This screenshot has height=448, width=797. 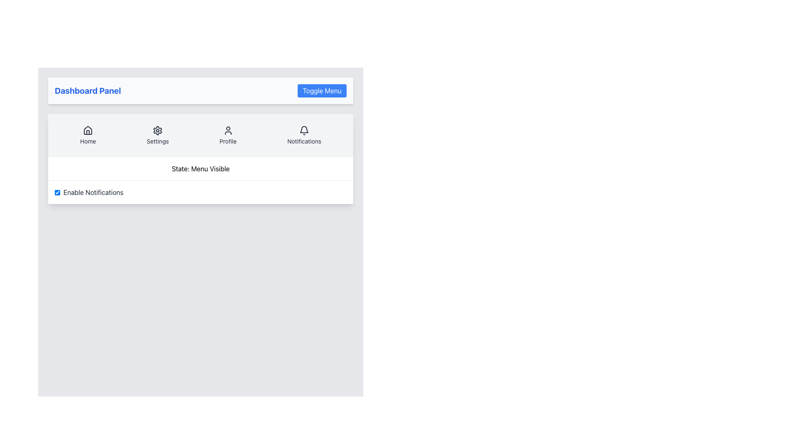 What do you see at coordinates (322, 91) in the screenshot?
I see `the button labeled 'Toggle Menu' with a blue background located at the top-right corner of the gray panel` at bounding box center [322, 91].